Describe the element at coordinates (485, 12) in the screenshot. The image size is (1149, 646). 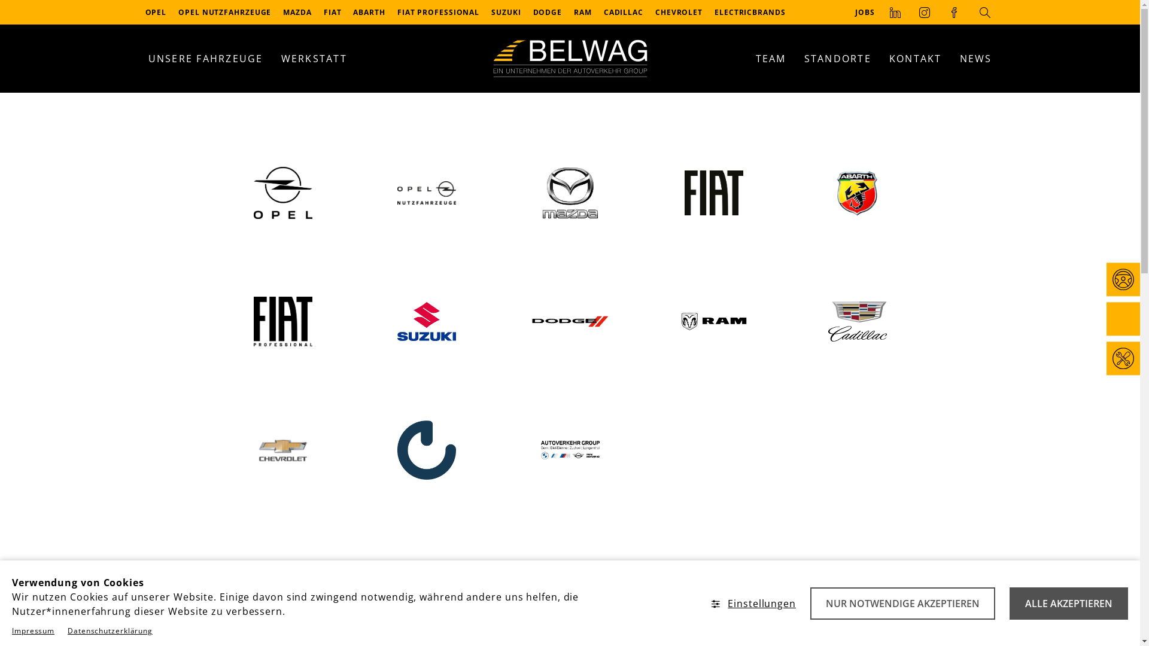
I see `'SUZUKI'` at that location.